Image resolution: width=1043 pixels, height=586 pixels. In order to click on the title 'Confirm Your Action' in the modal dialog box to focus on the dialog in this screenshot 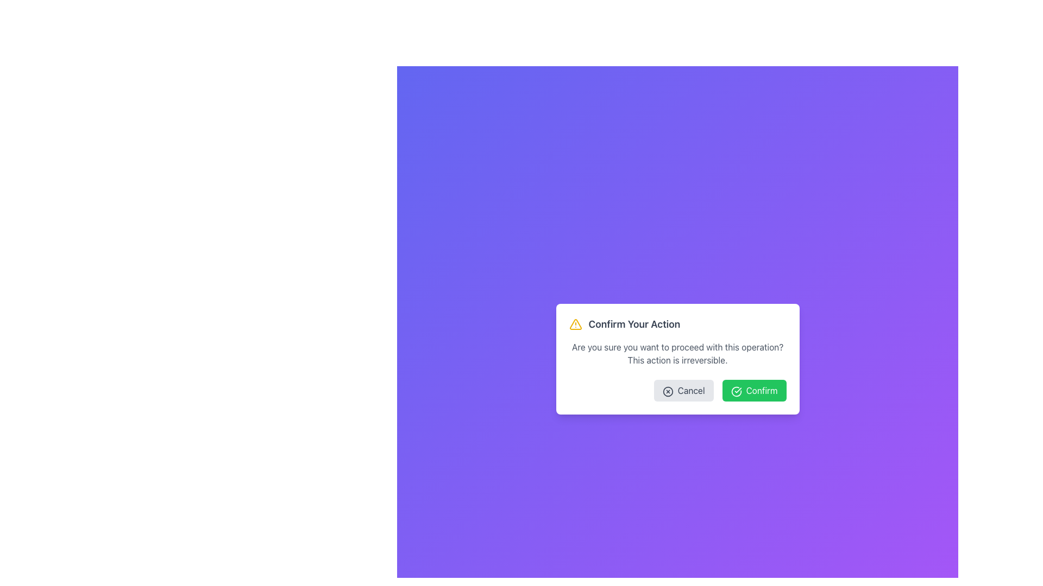, I will do `click(677, 323)`.